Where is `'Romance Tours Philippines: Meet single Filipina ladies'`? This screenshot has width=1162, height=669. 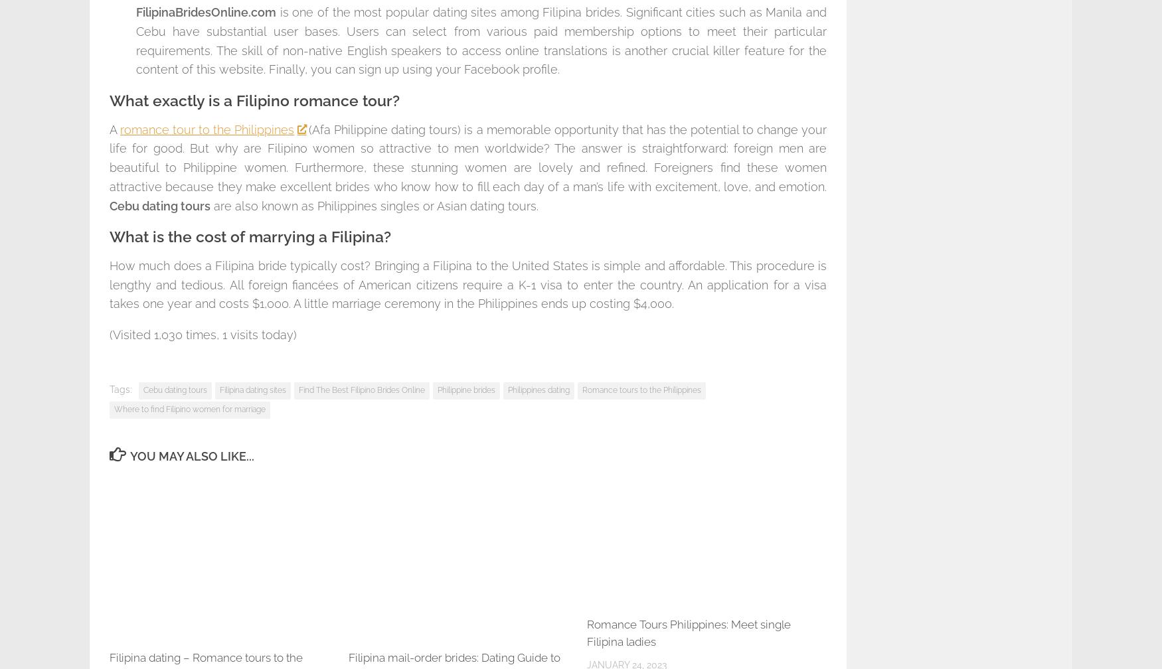 'Romance Tours Philippines: Meet single Filipina ladies' is located at coordinates (586, 632).